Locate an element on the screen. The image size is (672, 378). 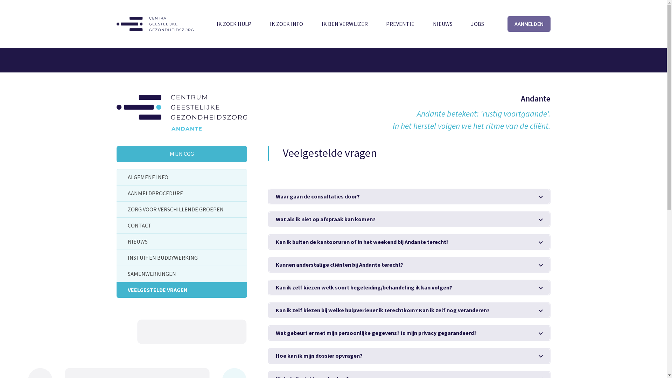
'IK BEN VERWIJZER' is located at coordinates (317, 23).